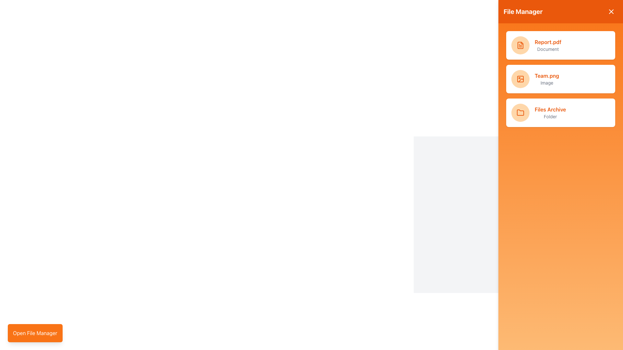  What do you see at coordinates (560, 78) in the screenshot?
I see `the UI card component labeled 'Team.png'` at bounding box center [560, 78].